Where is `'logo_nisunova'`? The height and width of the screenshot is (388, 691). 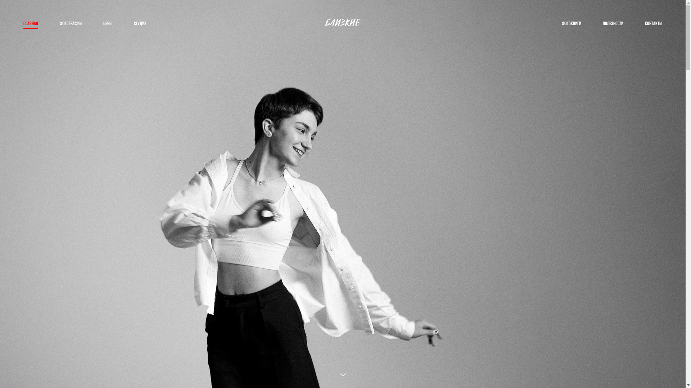
'logo_nisunova' is located at coordinates (342, 23).